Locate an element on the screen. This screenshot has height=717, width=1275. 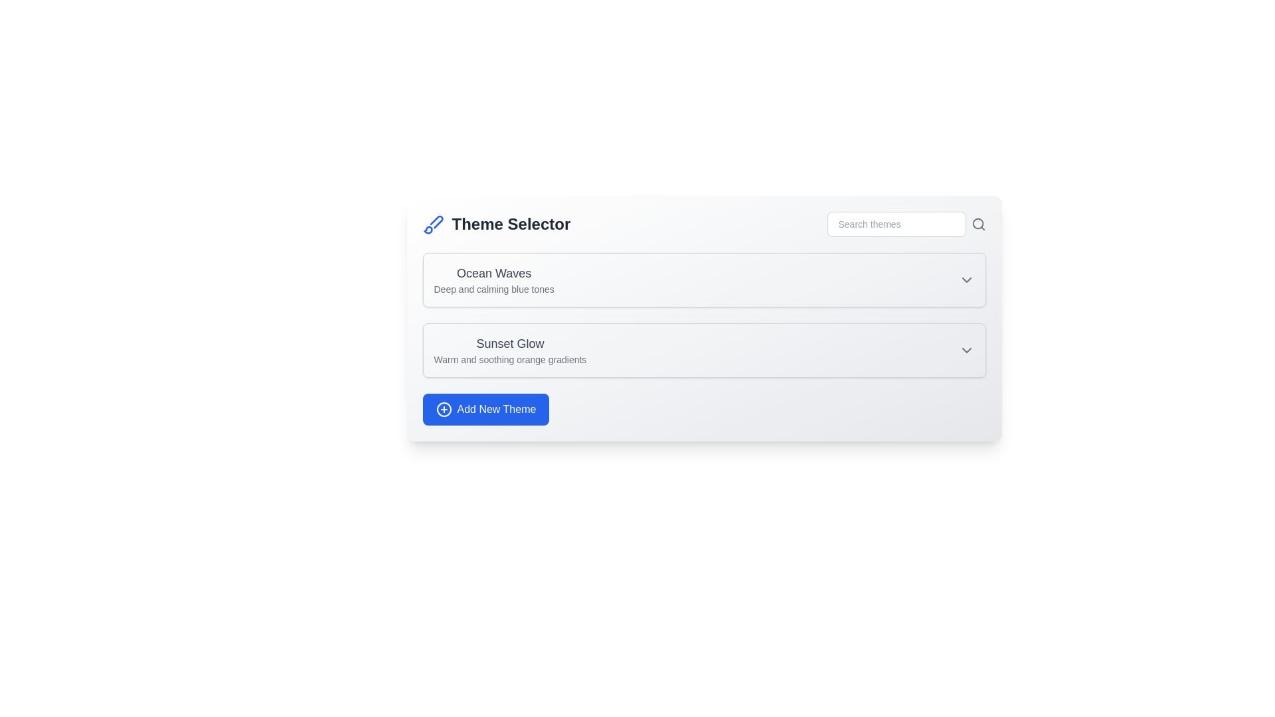
the static text label displaying 'Sunset Glow' in the Theme Selector interface, positioned above the descriptive text 'Warm and soothing orange gradients' is located at coordinates (509, 343).